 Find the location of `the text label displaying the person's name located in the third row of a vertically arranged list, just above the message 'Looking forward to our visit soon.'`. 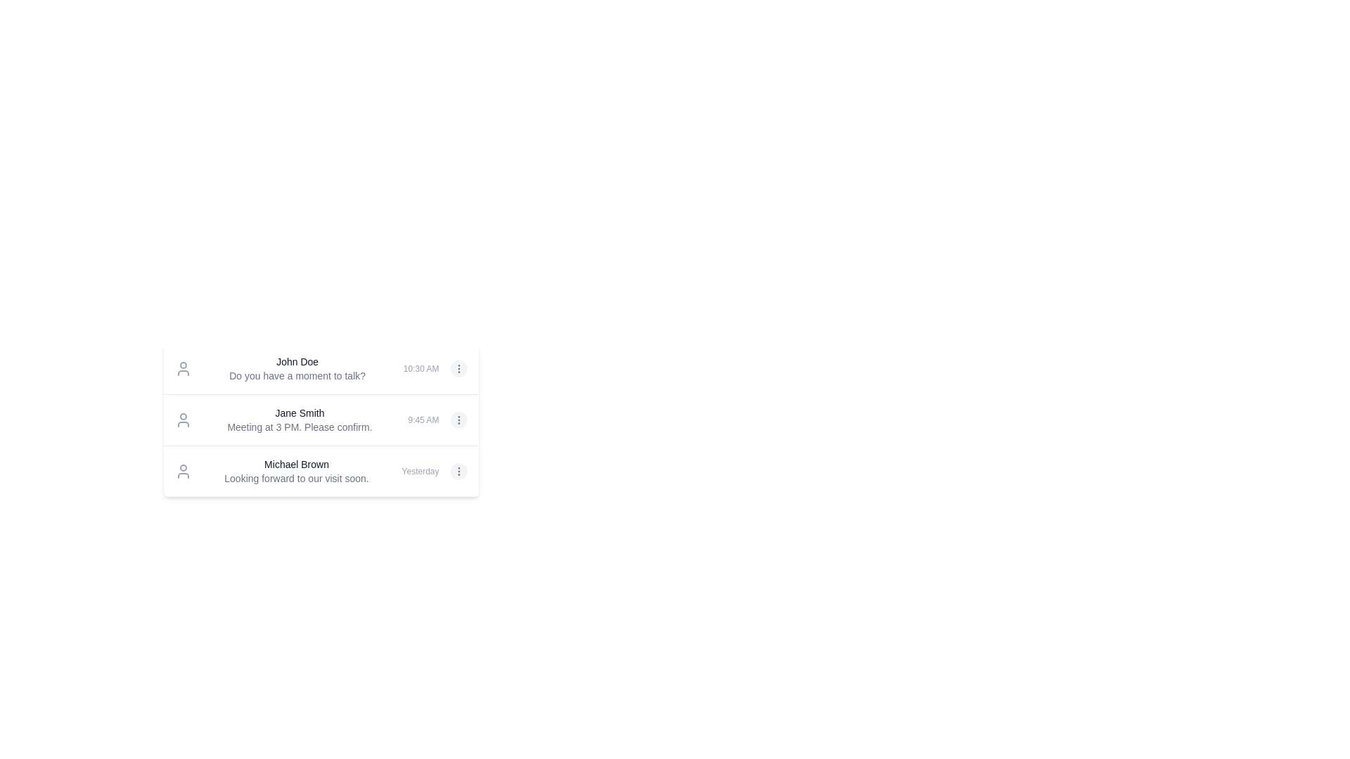

the text label displaying the person's name located in the third row of a vertically arranged list, just above the message 'Looking forward to our visit soon.' is located at coordinates (296, 464).